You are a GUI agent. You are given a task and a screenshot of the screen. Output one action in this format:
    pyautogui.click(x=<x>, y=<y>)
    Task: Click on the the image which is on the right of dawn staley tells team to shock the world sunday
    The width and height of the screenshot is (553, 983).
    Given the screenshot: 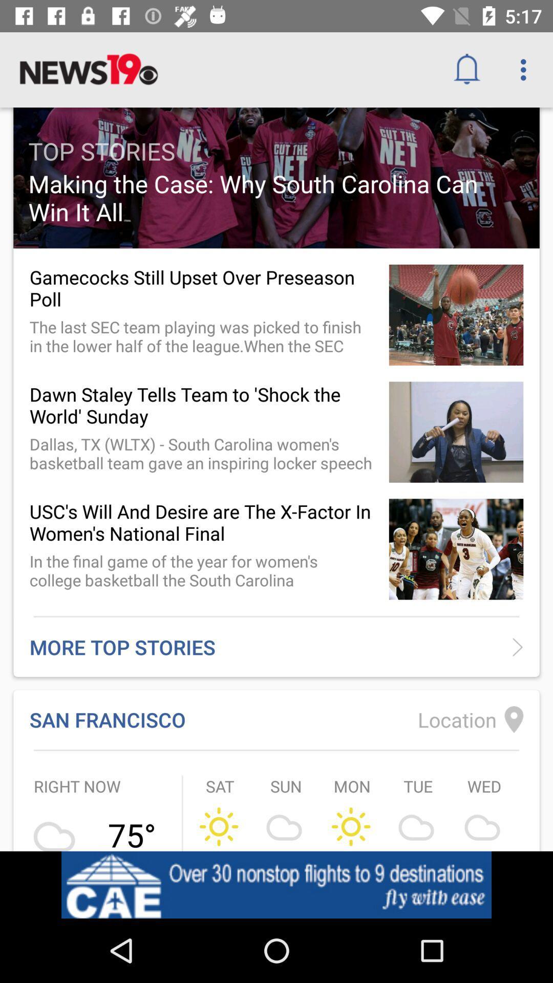 What is the action you would take?
    pyautogui.click(x=456, y=432)
    